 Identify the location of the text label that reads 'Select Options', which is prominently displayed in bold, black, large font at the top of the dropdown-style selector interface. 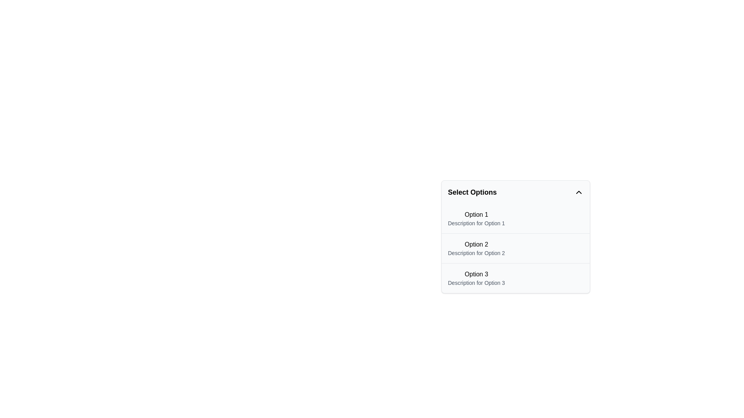
(472, 192).